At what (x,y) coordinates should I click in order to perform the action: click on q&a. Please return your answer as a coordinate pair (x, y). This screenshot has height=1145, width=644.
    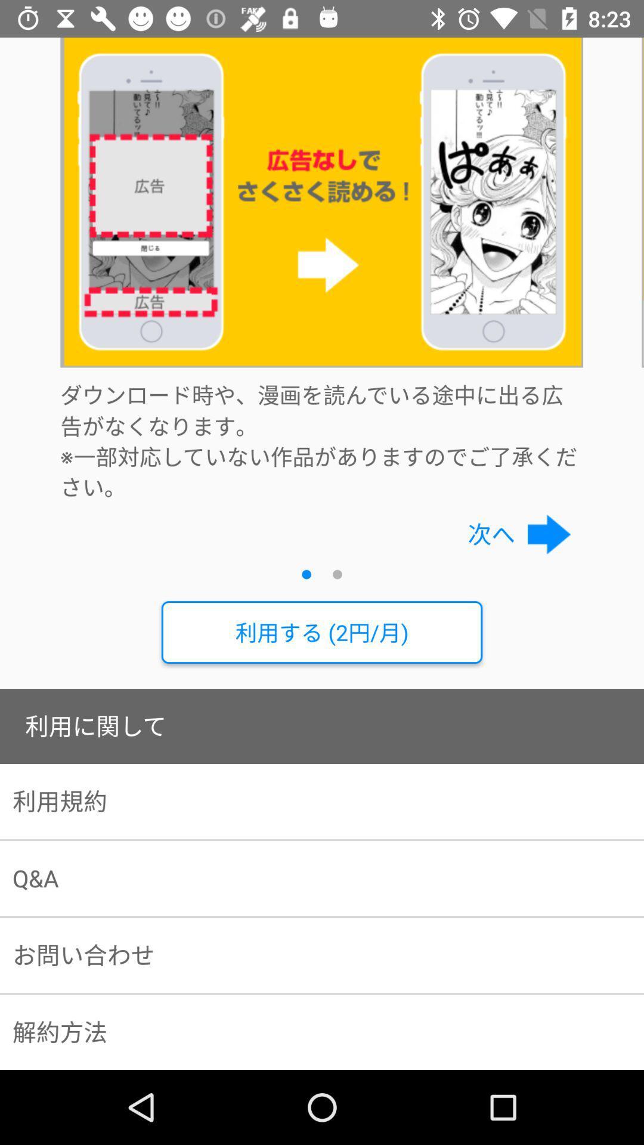
    Looking at the image, I should click on (322, 878).